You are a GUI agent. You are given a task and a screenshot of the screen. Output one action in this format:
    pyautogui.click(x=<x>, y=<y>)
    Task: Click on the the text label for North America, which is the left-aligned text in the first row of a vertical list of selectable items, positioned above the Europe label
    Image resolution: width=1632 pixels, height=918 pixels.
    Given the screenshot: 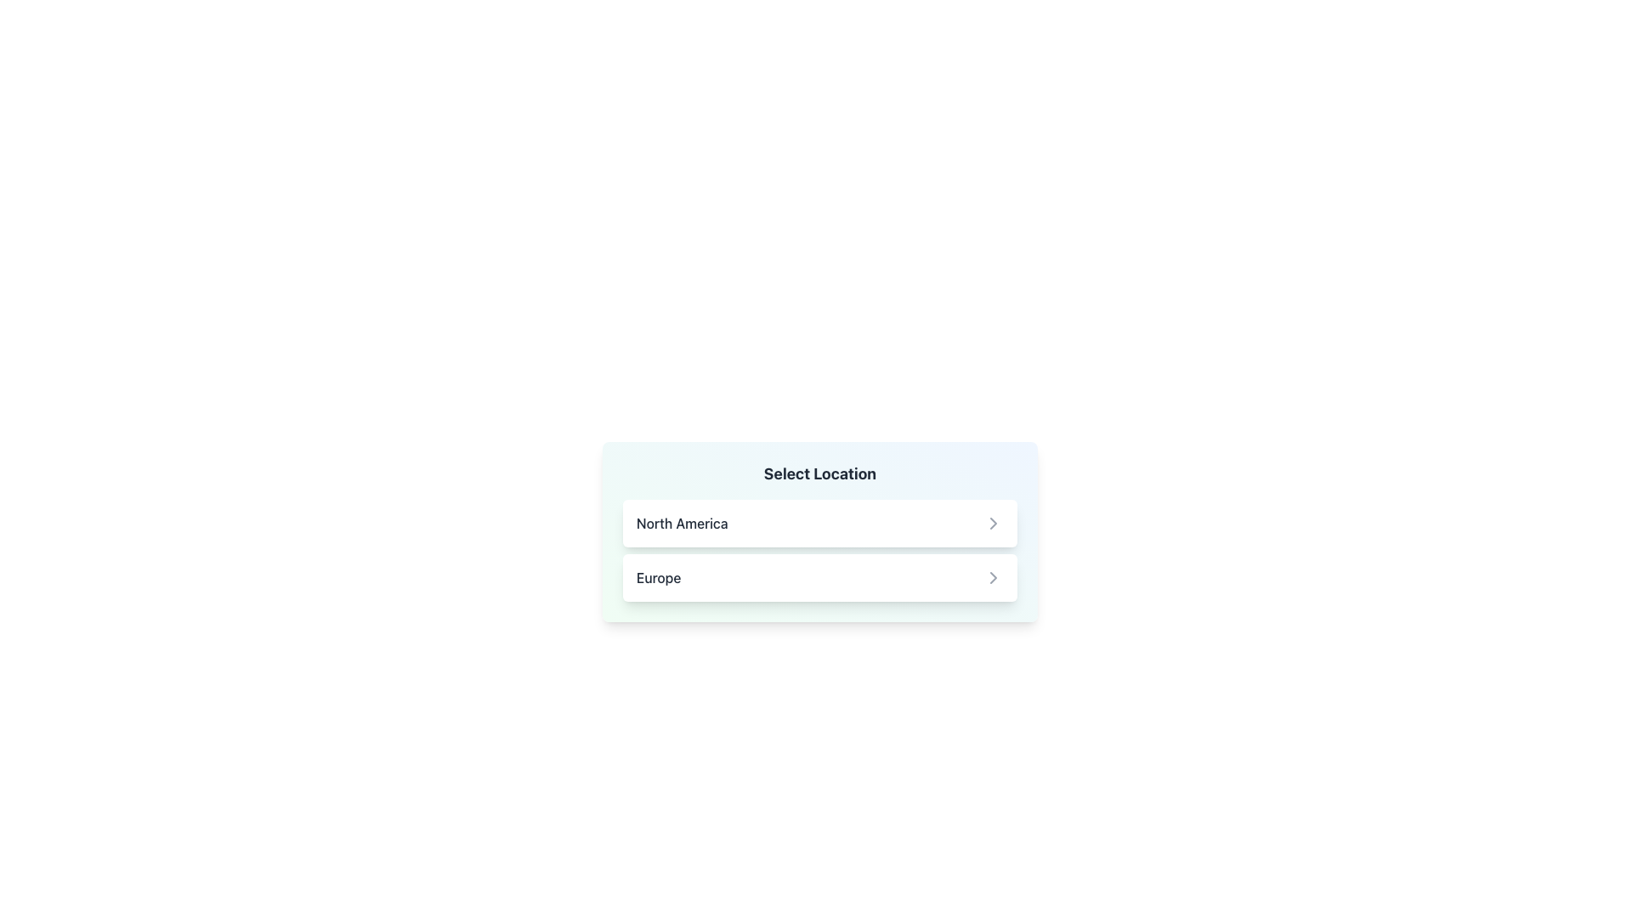 What is the action you would take?
    pyautogui.click(x=682, y=523)
    